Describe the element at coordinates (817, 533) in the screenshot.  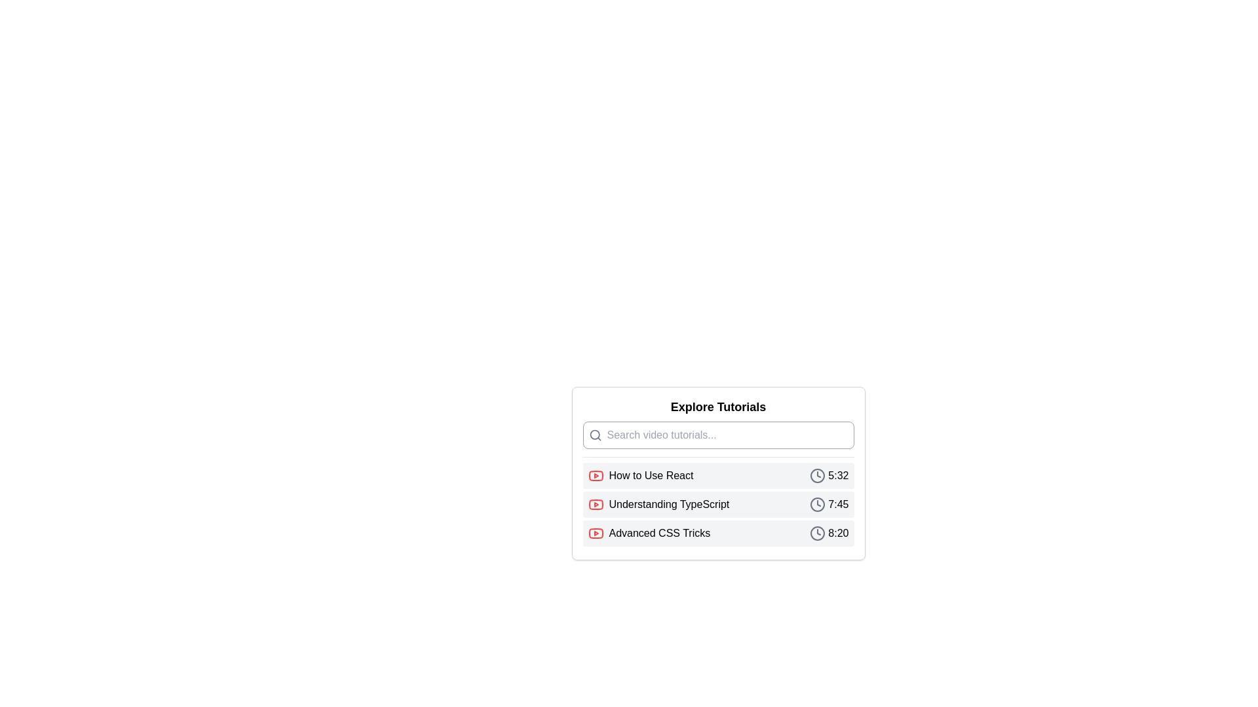
I see `the clock icon located to the right of the 'Advanced CSS Tricks' list item and just to the left of the time '8:20'. This icon has a circular shape and a gray color, consistent with a minimalist design` at that location.